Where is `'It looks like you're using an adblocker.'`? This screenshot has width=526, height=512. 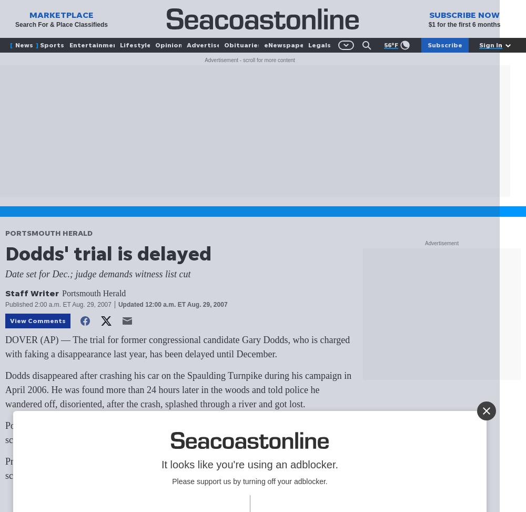
'It looks like you're using an adblocker.' is located at coordinates (249, 464).